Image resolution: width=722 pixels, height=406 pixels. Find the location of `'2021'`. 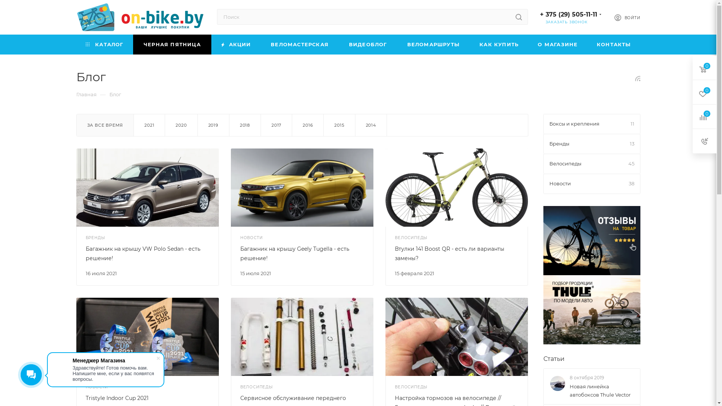

'2021' is located at coordinates (149, 124).